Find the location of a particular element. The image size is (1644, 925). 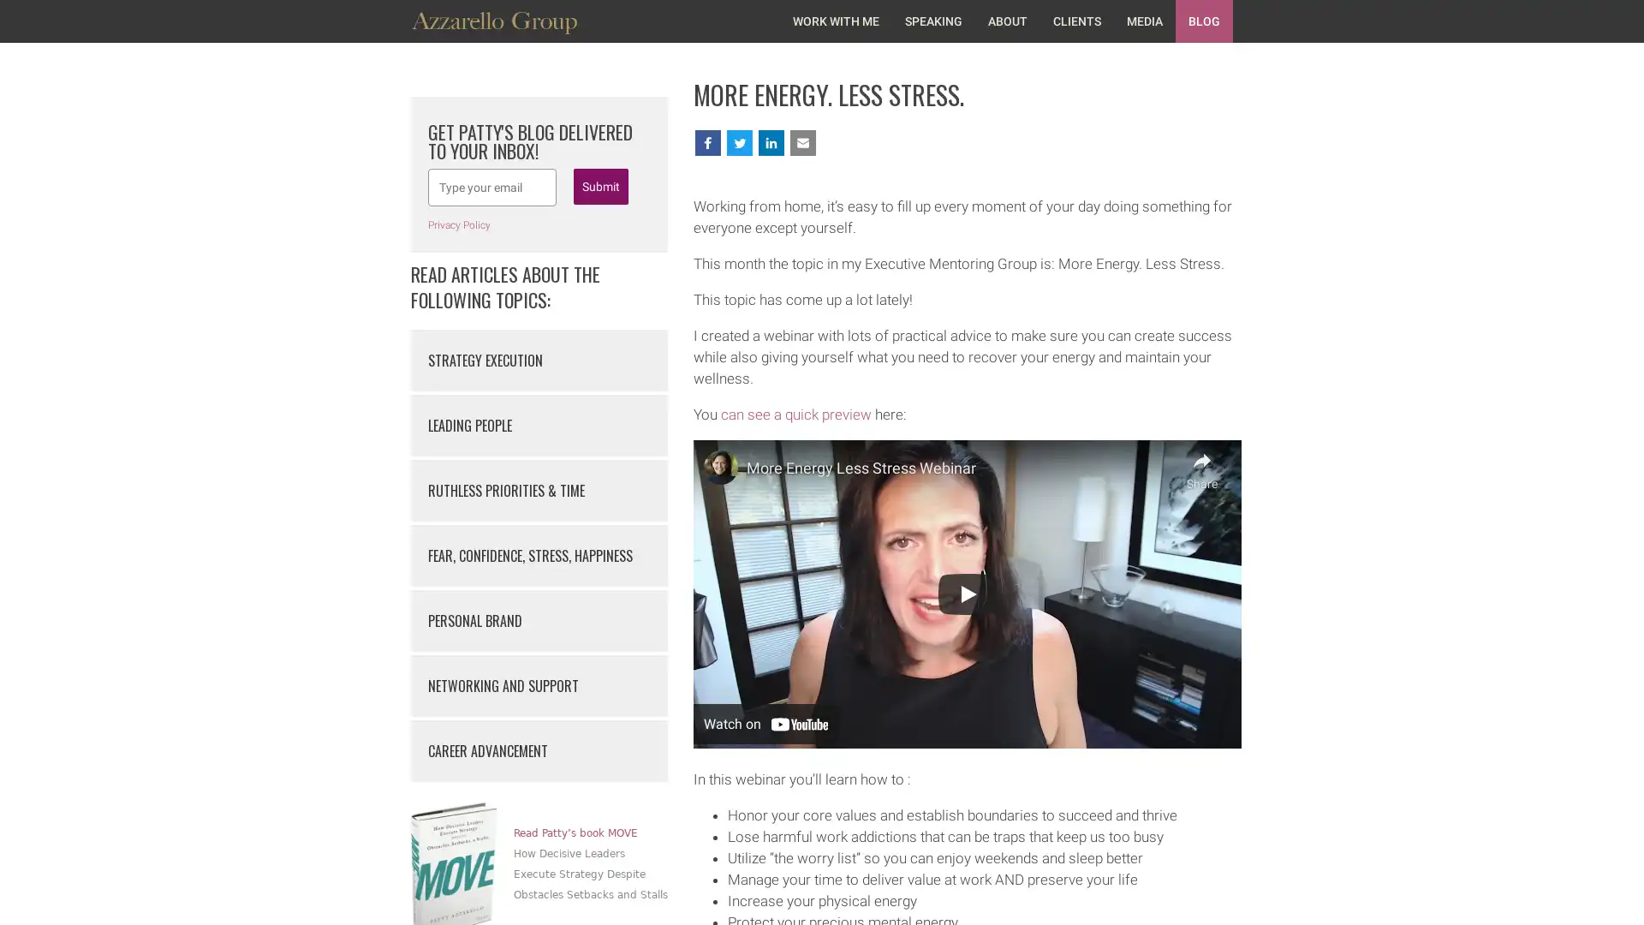

LEADING PEOPLE is located at coordinates (538, 425).